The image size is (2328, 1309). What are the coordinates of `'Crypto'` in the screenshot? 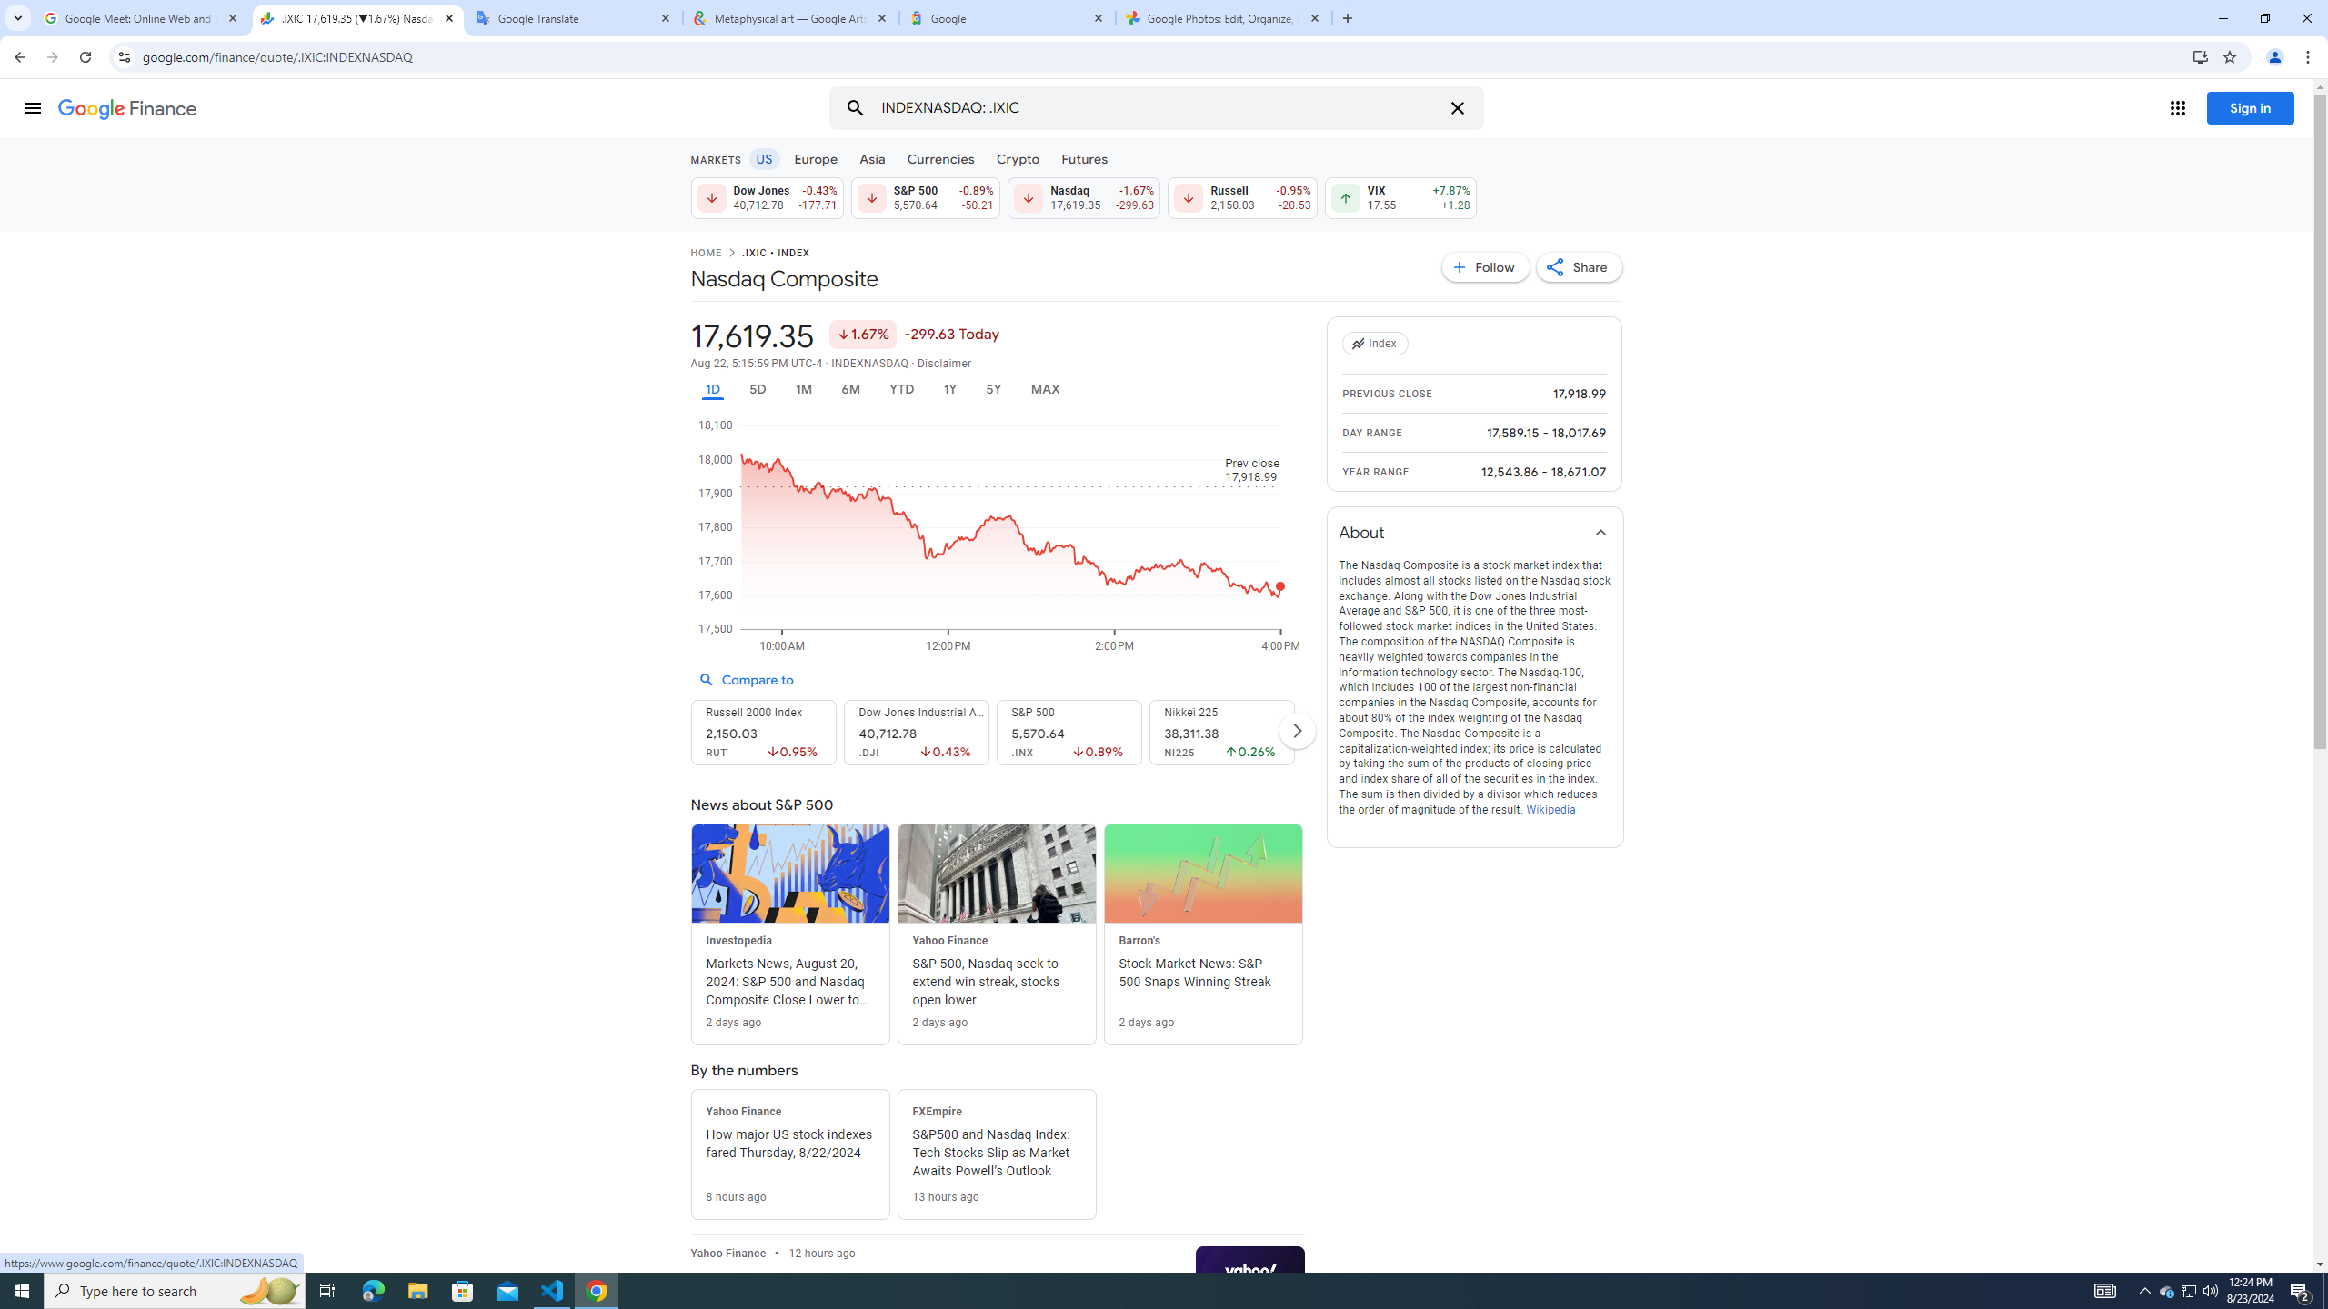 It's located at (1018, 157).